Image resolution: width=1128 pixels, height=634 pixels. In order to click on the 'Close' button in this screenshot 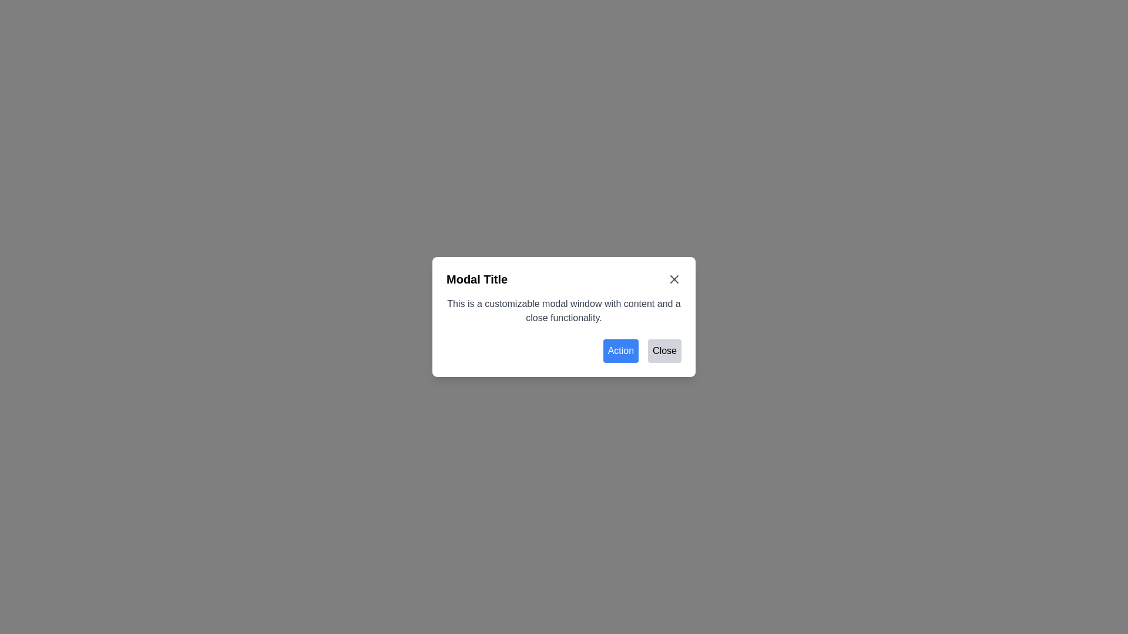, I will do `click(664, 350)`.